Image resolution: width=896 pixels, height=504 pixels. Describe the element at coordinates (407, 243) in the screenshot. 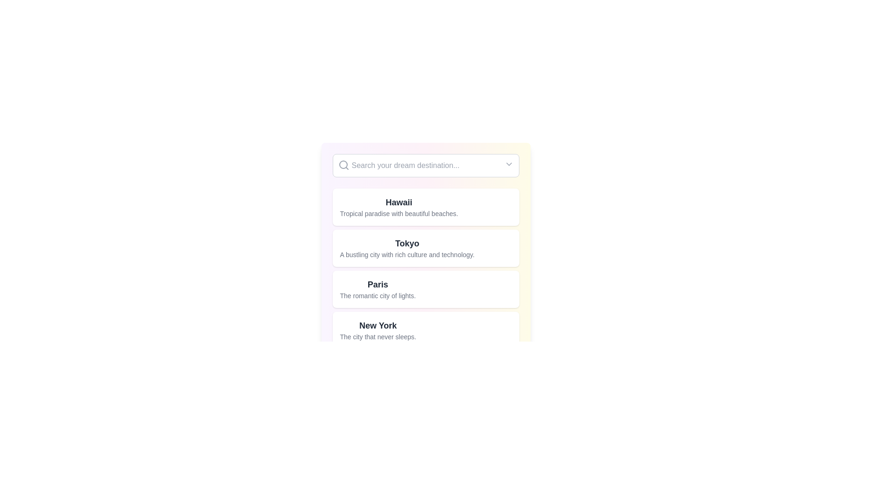

I see `on the text label that serves as the title for Tokyo, prominently positioned above additional descriptive text within a card-like layout` at that location.